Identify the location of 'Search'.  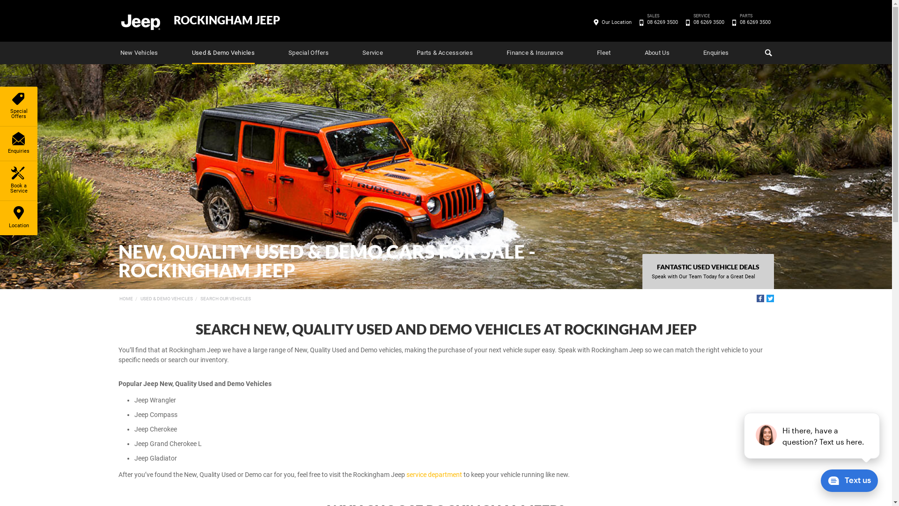
(766, 52).